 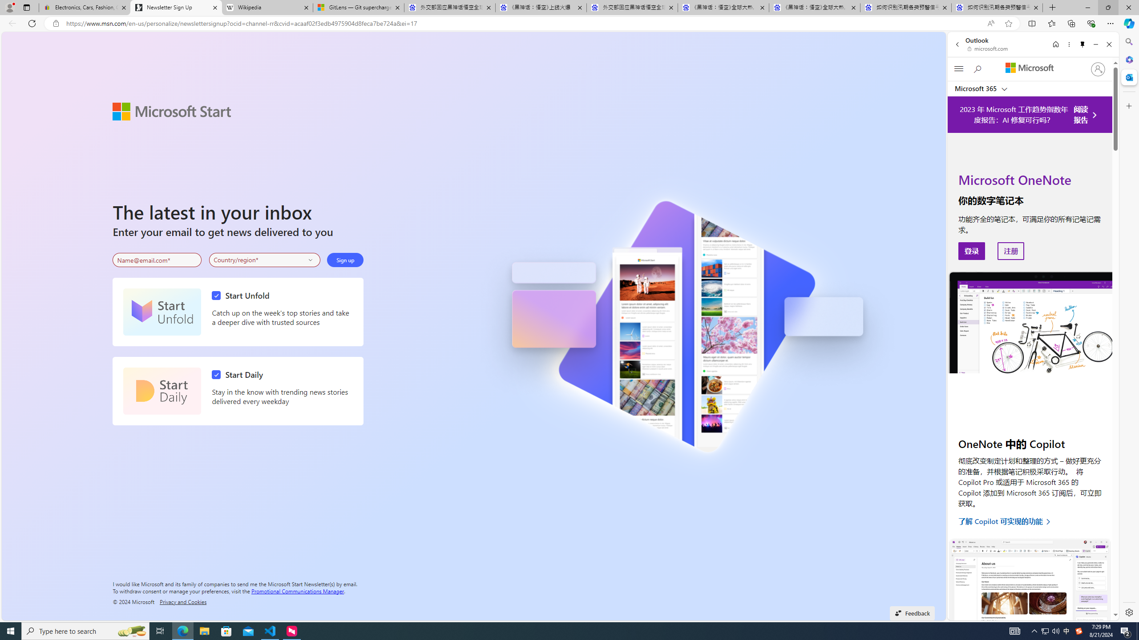 What do you see at coordinates (265, 260) in the screenshot?
I see `'Select your country'` at bounding box center [265, 260].